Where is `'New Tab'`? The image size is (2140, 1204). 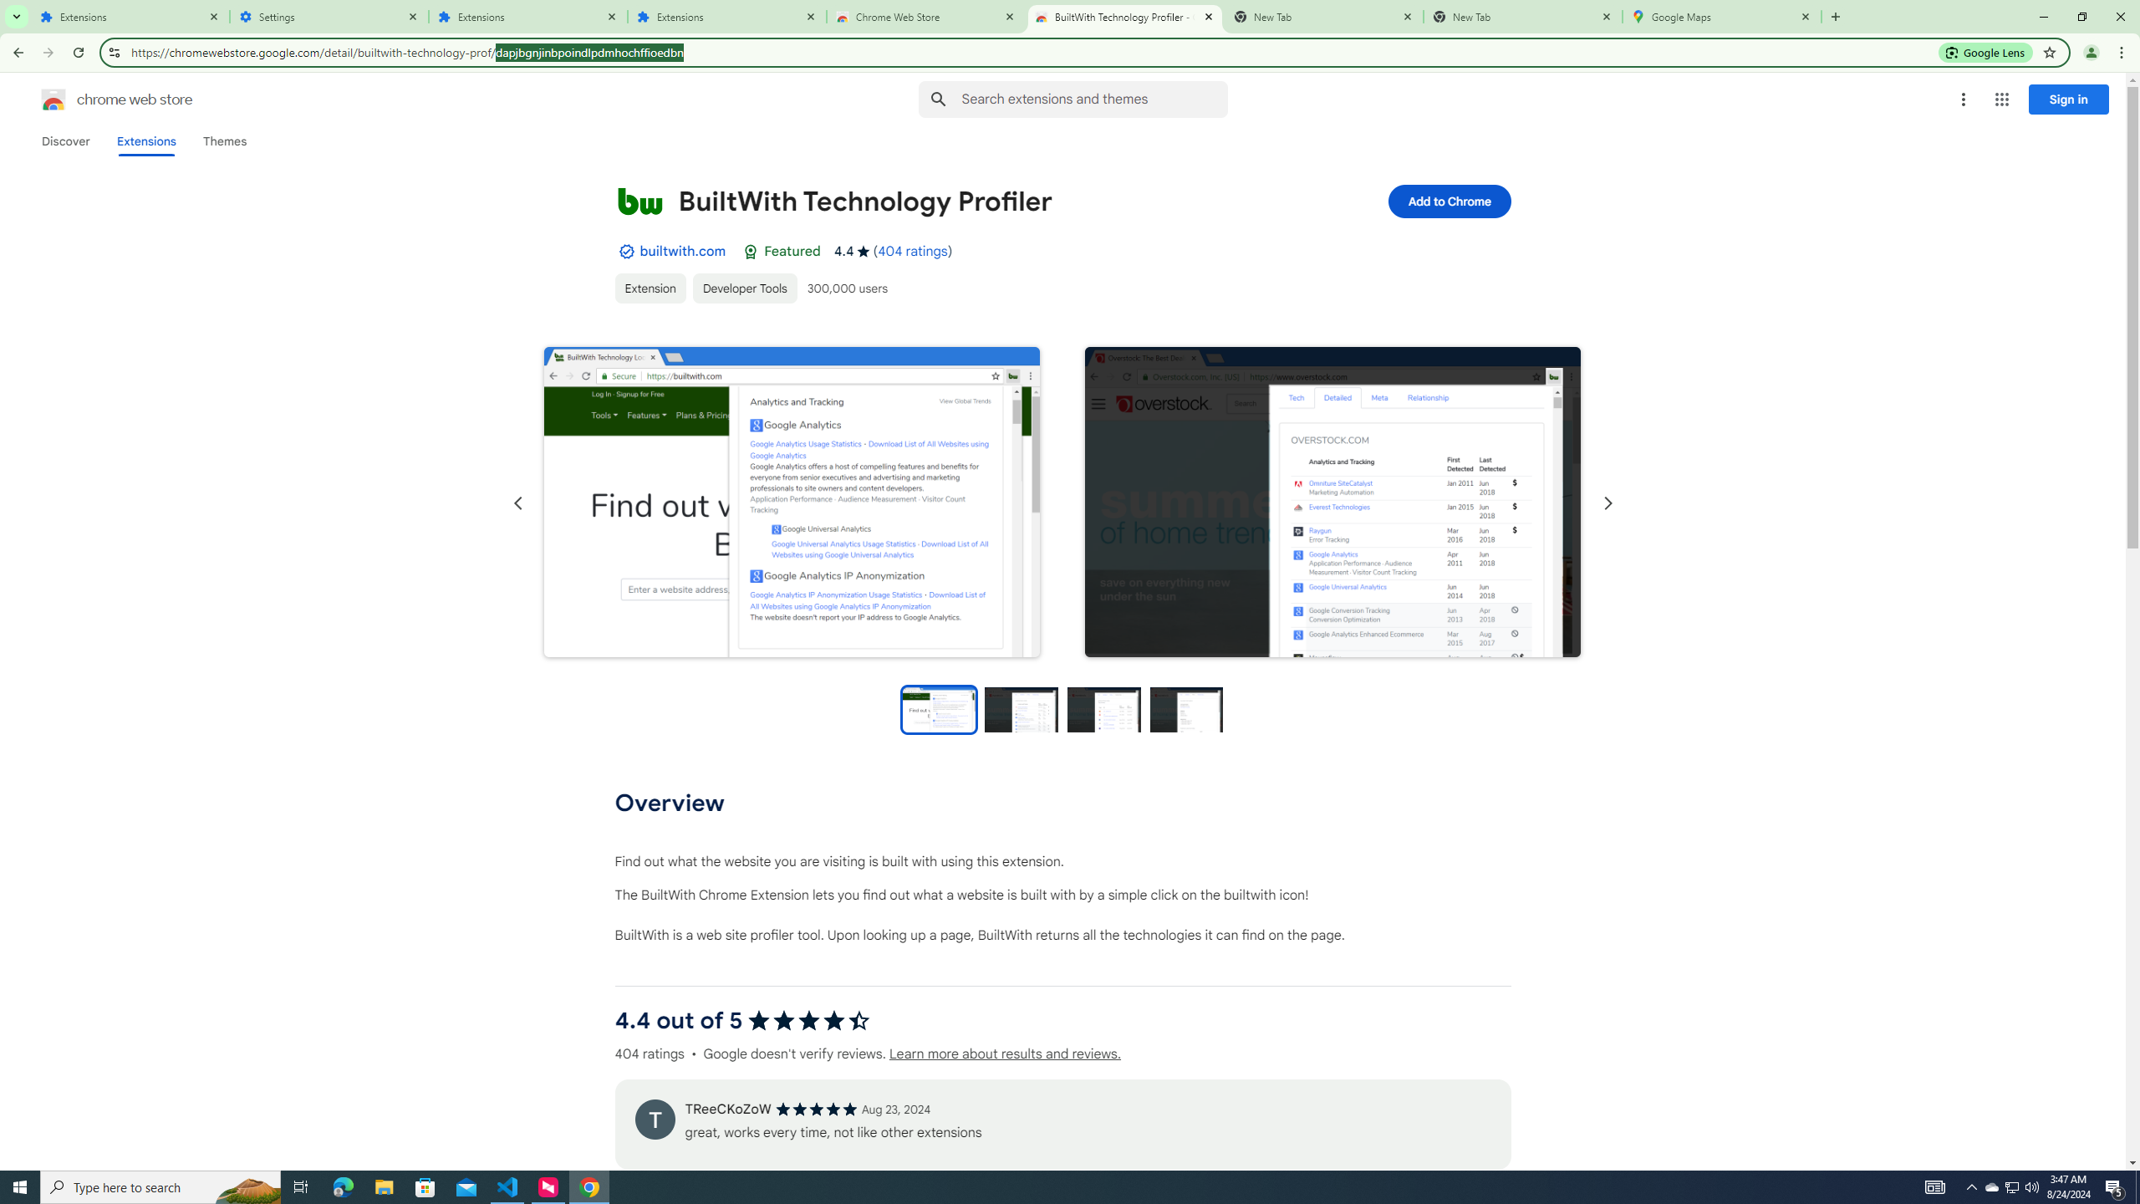
'New Tab' is located at coordinates (1523, 16).